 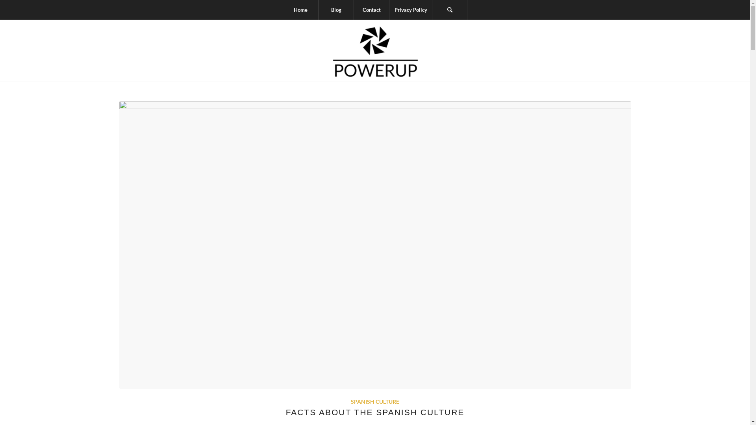 I want to click on 'Blog', so click(x=336, y=9).